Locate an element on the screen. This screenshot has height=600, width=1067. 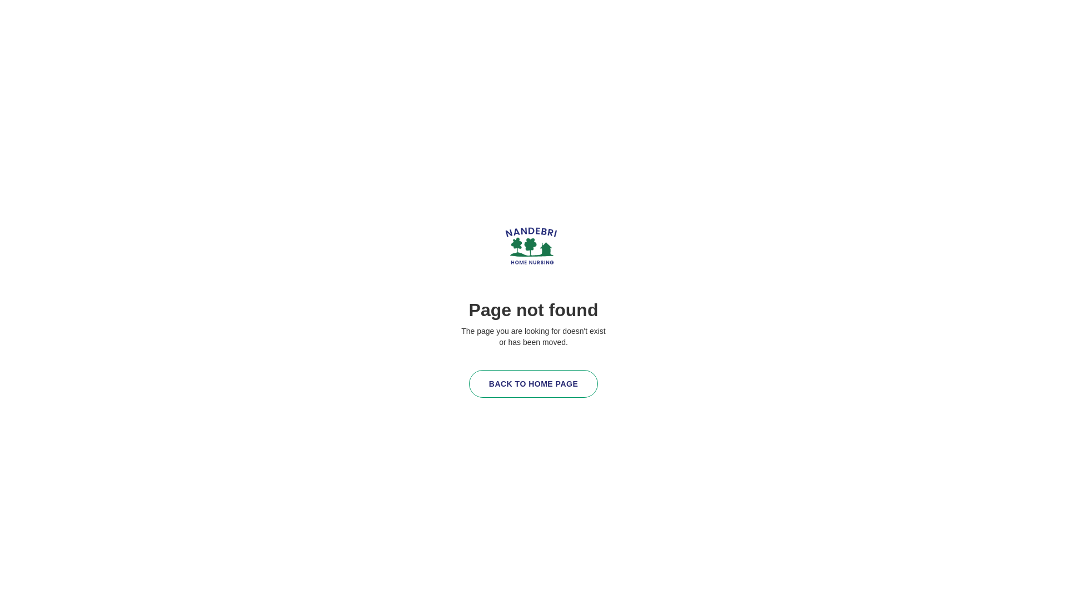
'BACK TO HOME PAGE' is located at coordinates (469, 383).